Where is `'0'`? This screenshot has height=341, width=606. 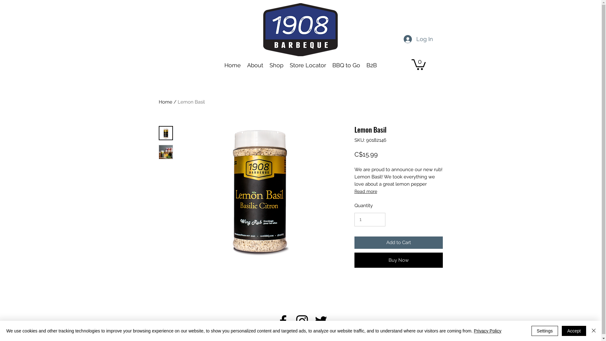 '0' is located at coordinates (419, 64).